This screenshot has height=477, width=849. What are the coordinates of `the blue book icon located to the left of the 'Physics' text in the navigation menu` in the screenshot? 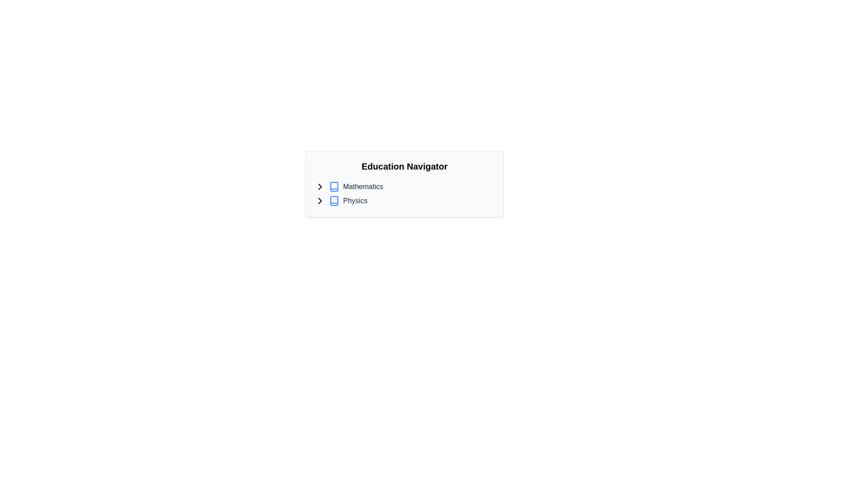 It's located at (333, 201).